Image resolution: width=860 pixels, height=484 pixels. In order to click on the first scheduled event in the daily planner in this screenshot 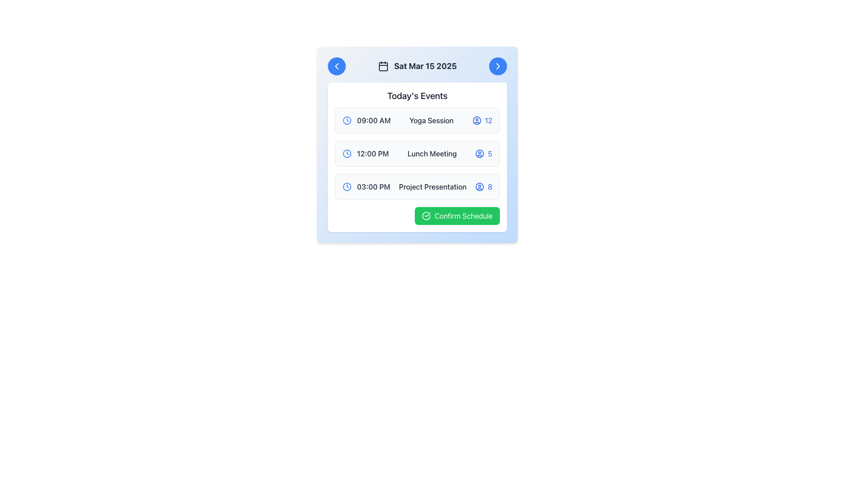, I will do `click(417, 120)`.